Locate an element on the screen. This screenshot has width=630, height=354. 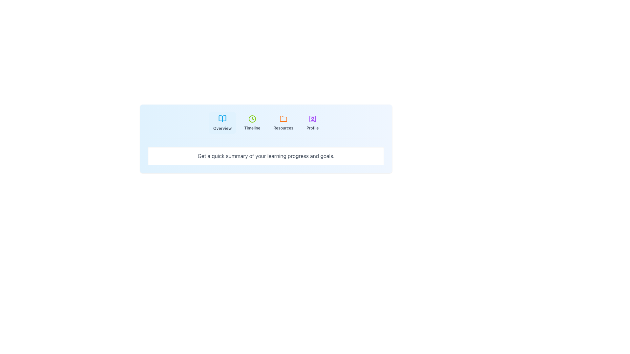
the navigation button located between the 'Timeline' element on the left and the 'Profile' element on the right is located at coordinates (283, 123).